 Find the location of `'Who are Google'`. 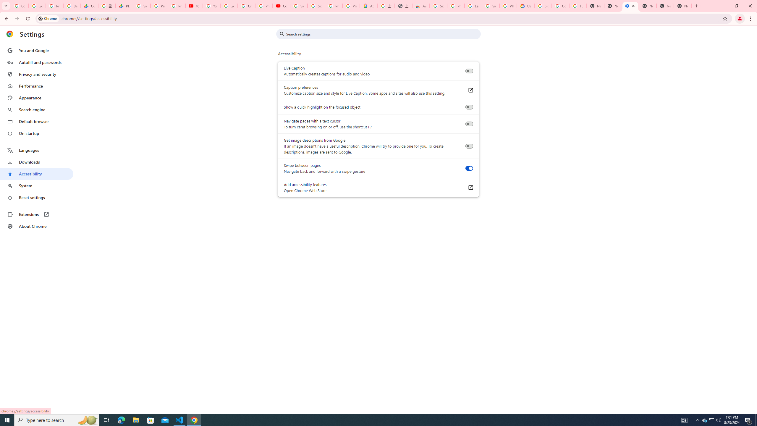

'Who are Google' is located at coordinates (507, 6).